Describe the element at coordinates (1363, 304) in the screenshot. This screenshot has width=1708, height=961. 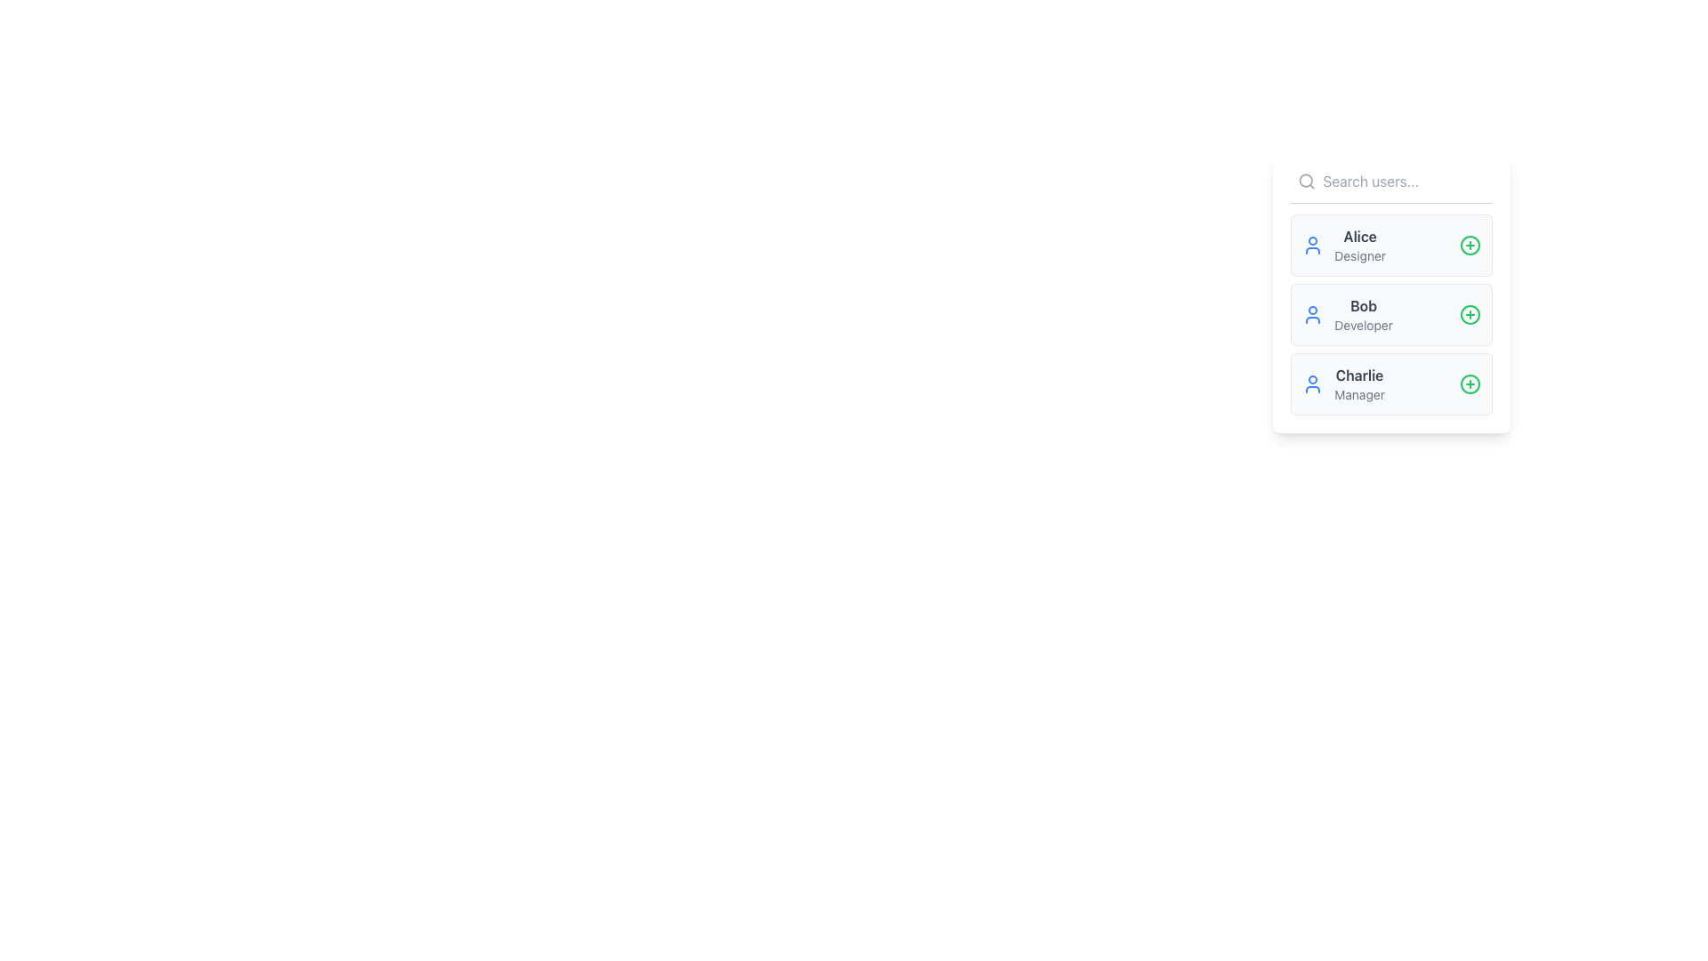
I see `text label 'Bob' which is part of the 'Bob - Developer' composite text in the vertical list` at that location.